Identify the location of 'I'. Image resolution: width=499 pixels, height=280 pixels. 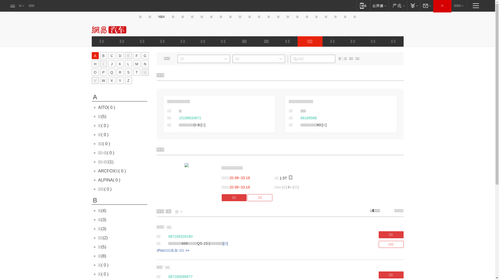
(103, 64).